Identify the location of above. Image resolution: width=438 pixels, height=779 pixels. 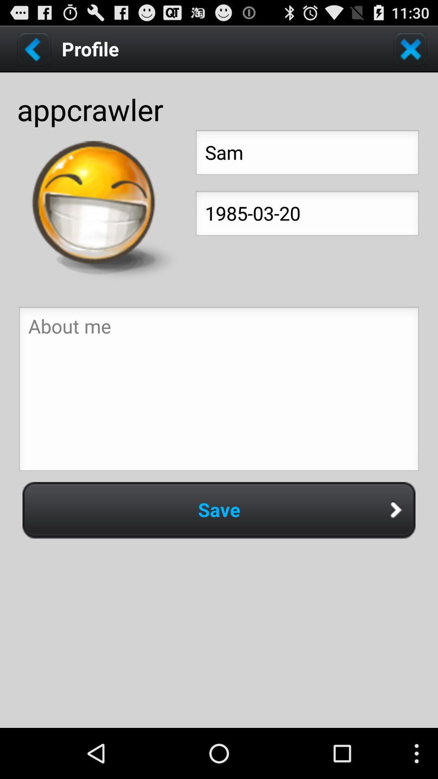
(219, 391).